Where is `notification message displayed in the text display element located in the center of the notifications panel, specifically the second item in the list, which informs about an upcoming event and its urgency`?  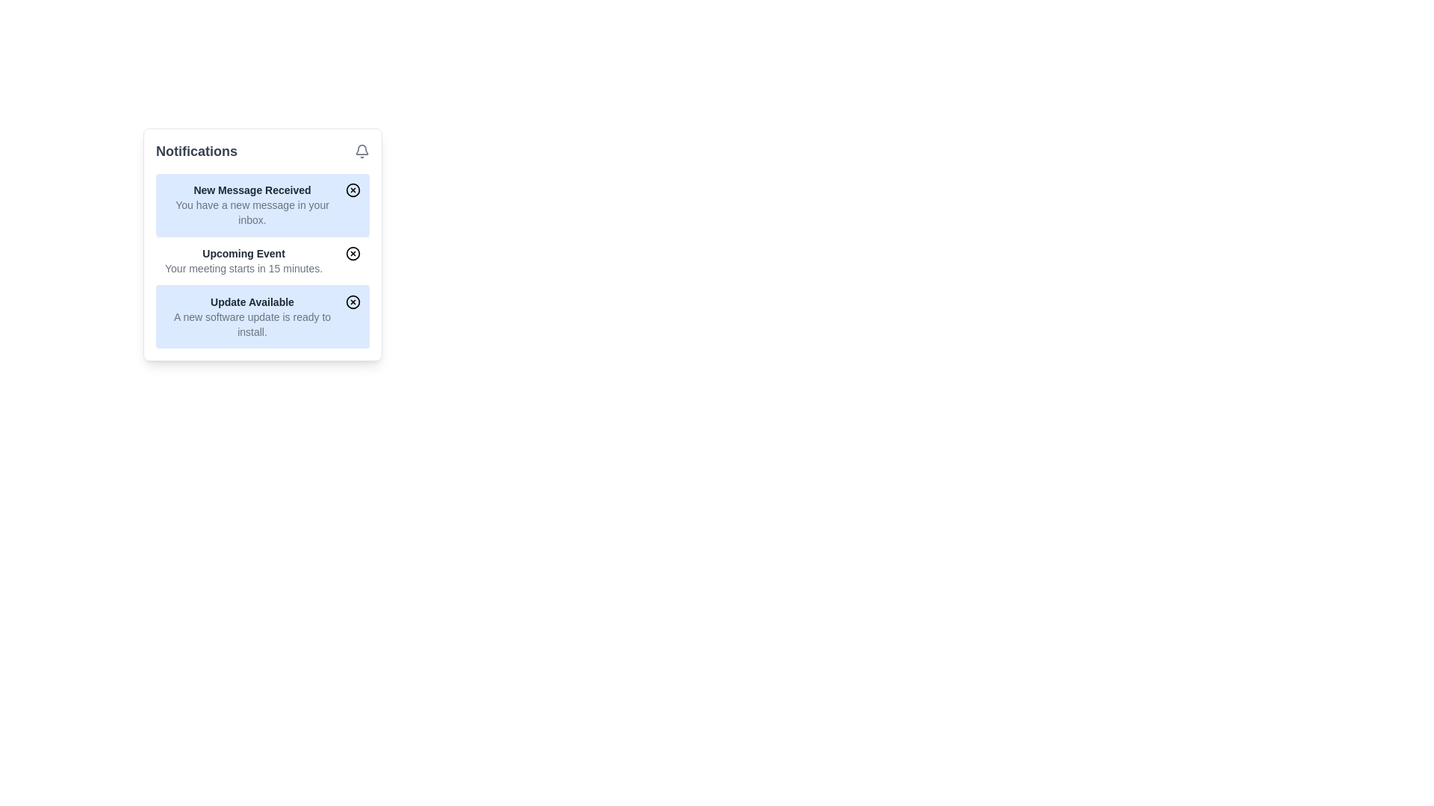
notification message displayed in the text display element located in the center of the notifications panel, specifically the second item in the list, which informs about an upcoming event and its urgency is located at coordinates (243, 260).